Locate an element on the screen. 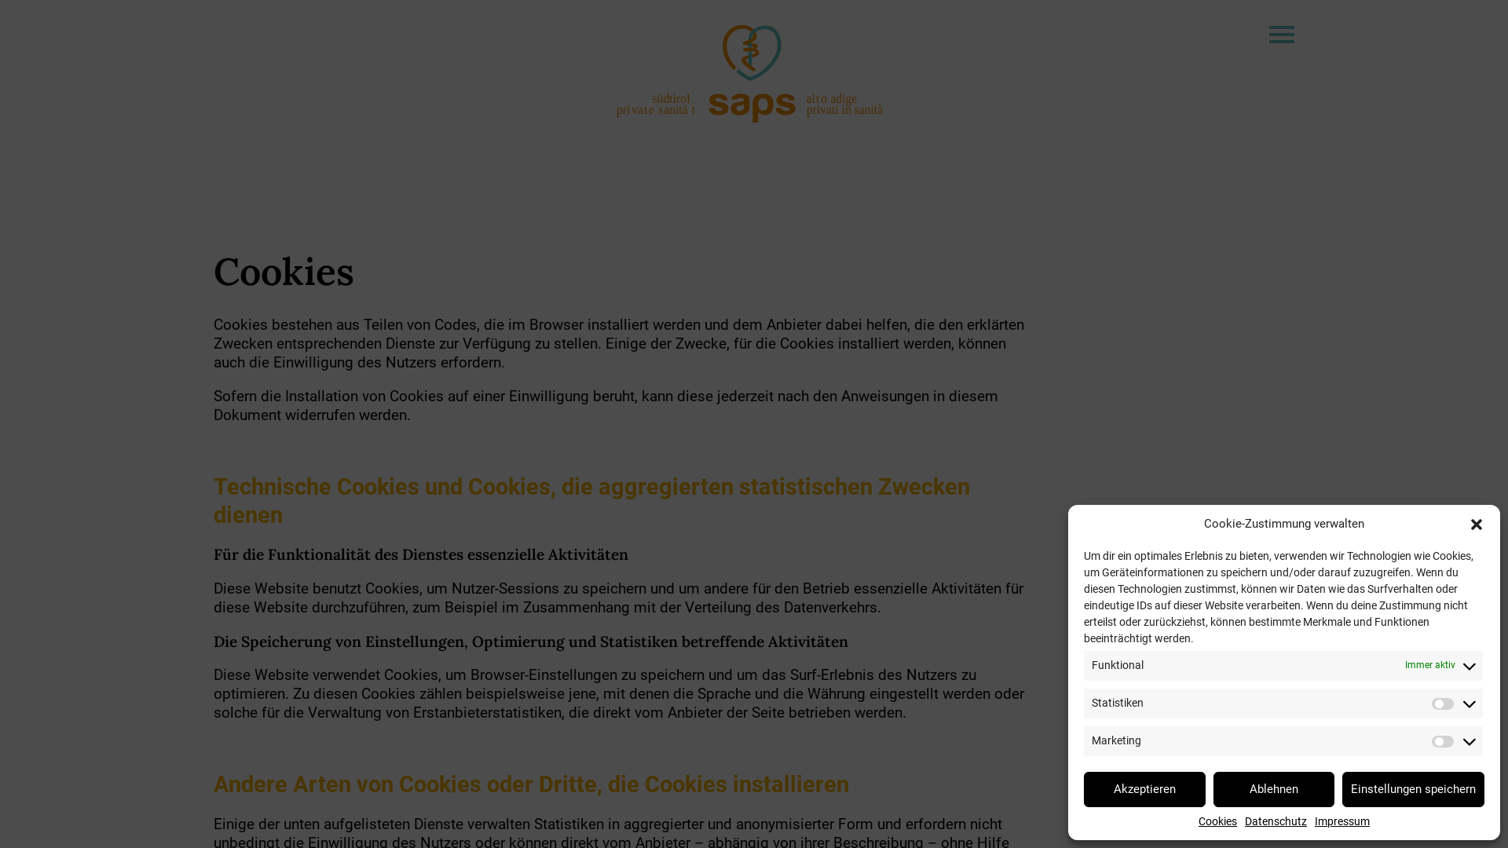  'Cookies' is located at coordinates (1217, 821).